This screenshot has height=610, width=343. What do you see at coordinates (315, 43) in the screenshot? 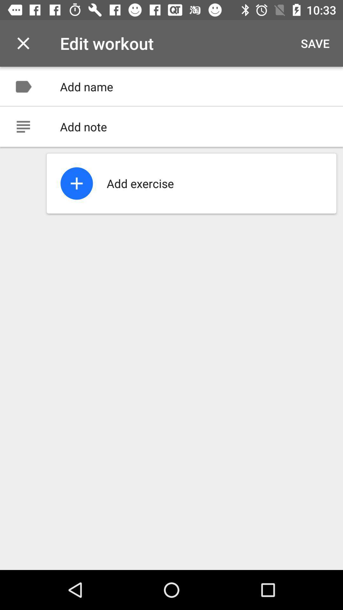
I see `save` at bounding box center [315, 43].